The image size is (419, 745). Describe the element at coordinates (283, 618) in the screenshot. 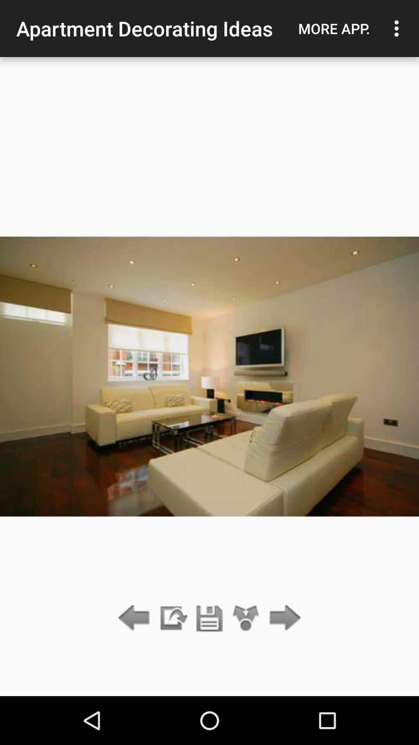

I see `the icon below more app.` at that location.